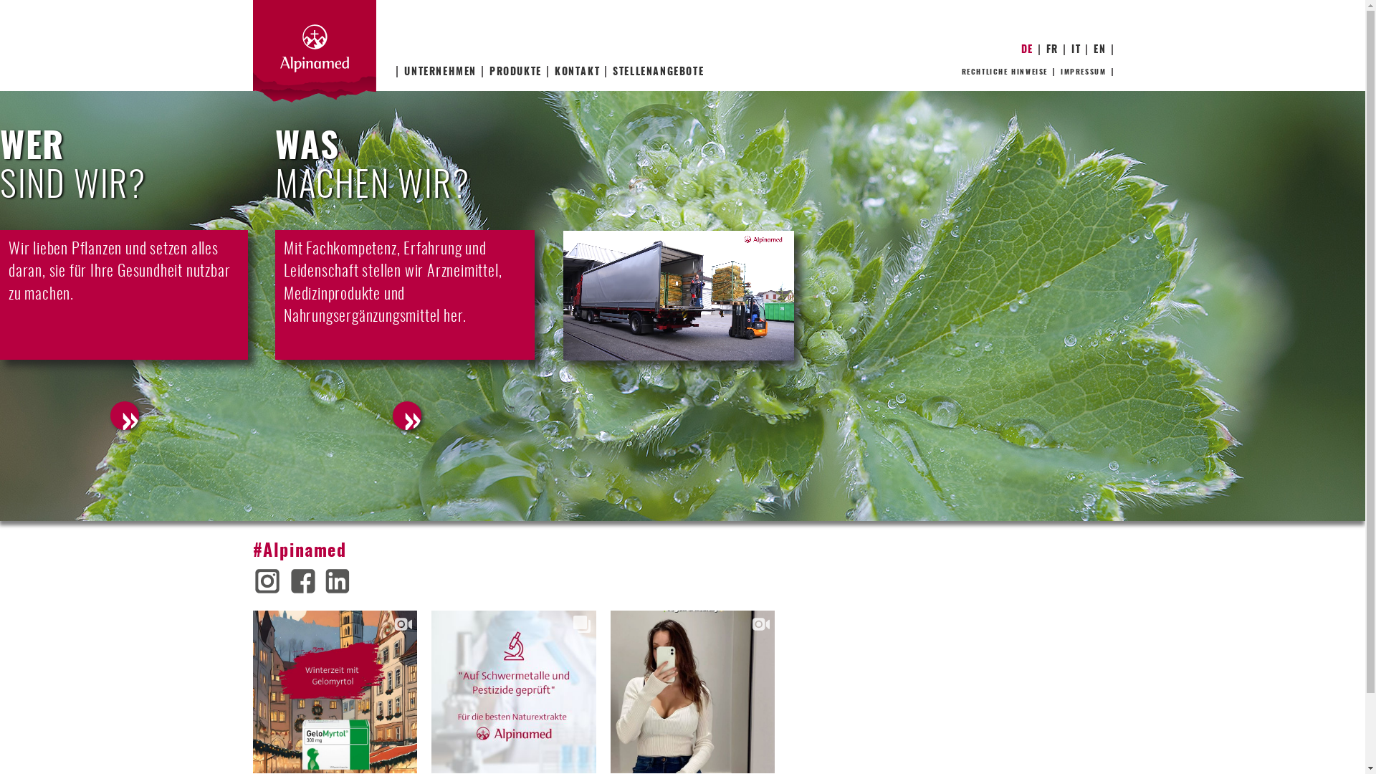 The height and width of the screenshot is (774, 1376). Describe the element at coordinates (1052, 49) in the screenshot. I see `'FR'` at that location.